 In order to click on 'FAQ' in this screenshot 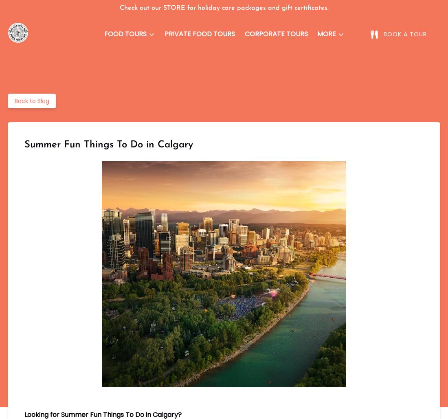, I will do `click(258, 110)`.